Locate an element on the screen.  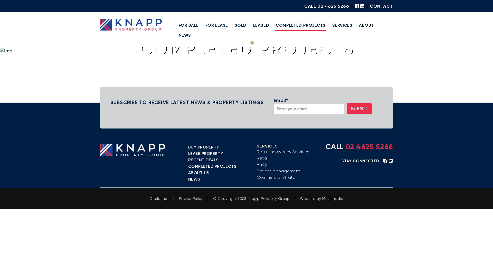
'Privacy Policy' is located at coordinates (179, 198).